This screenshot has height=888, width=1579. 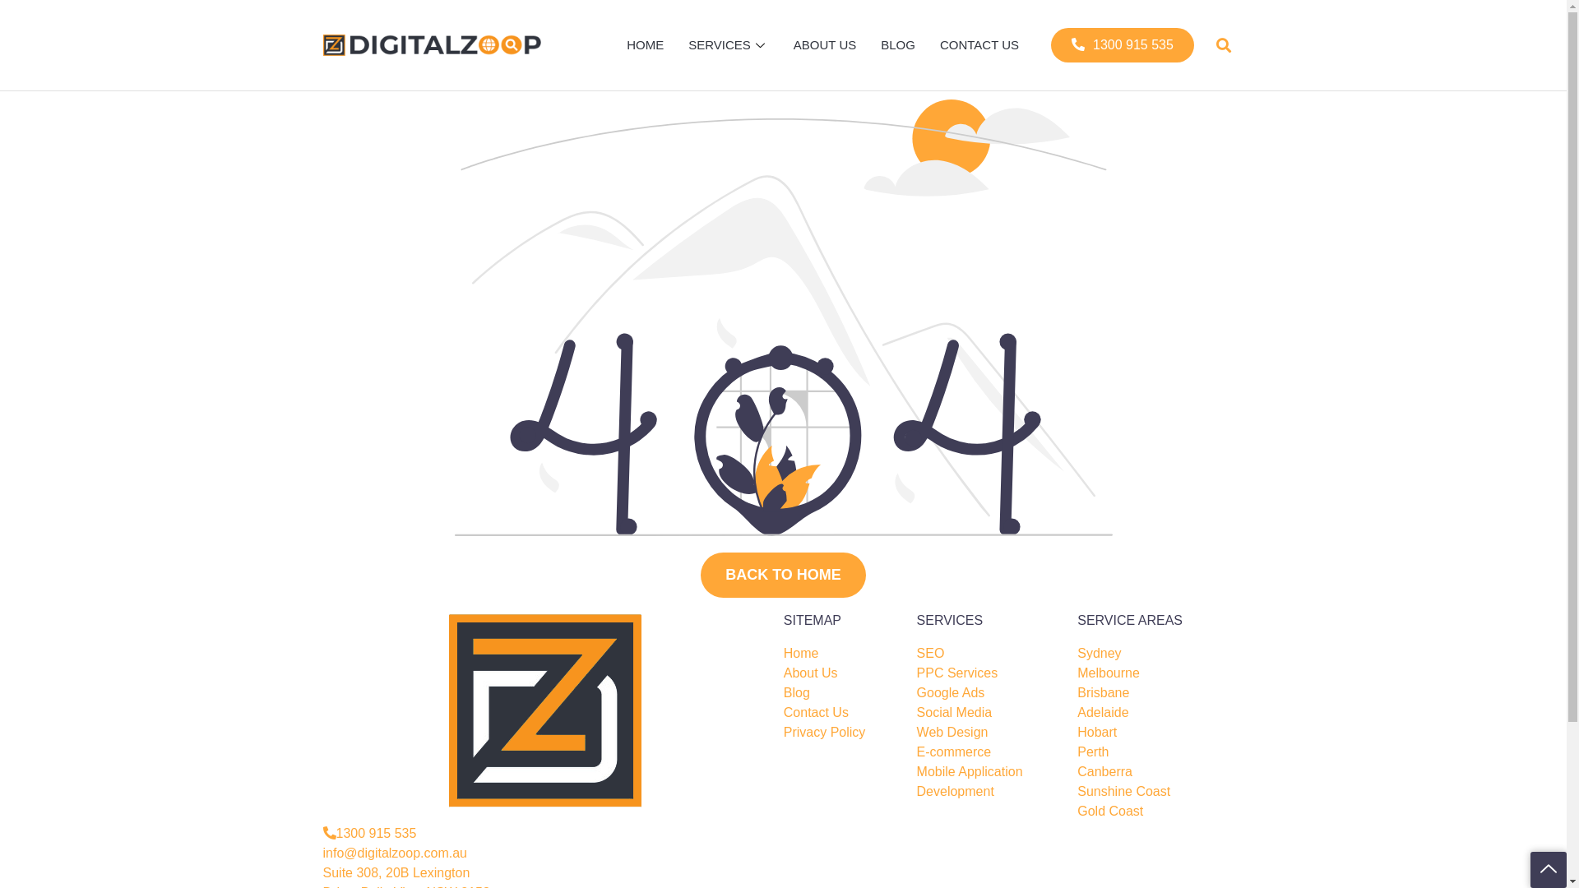 I want to click on '1300 915 535', so click(x=1121, y=44).